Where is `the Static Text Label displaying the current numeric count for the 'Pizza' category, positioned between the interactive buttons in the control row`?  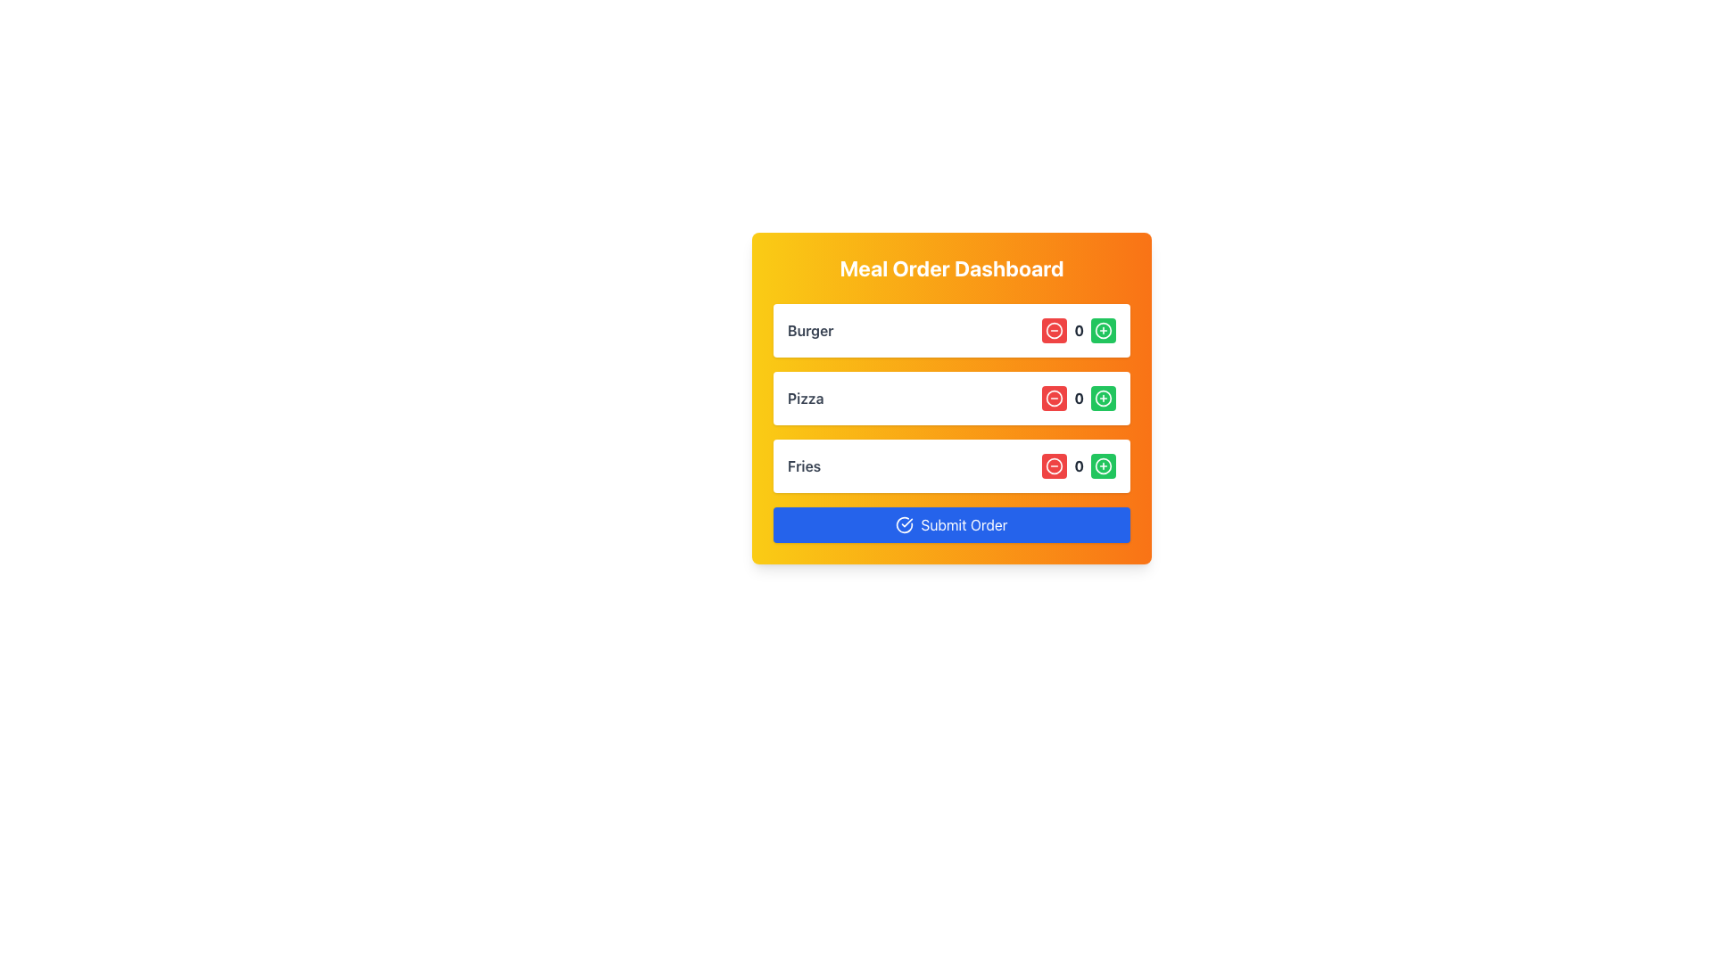 the Static Text Label displaying the current numeric count for the 'Pizza' category, positioned between the interactive buttons in the control row is located at coordinates (1078, 330).